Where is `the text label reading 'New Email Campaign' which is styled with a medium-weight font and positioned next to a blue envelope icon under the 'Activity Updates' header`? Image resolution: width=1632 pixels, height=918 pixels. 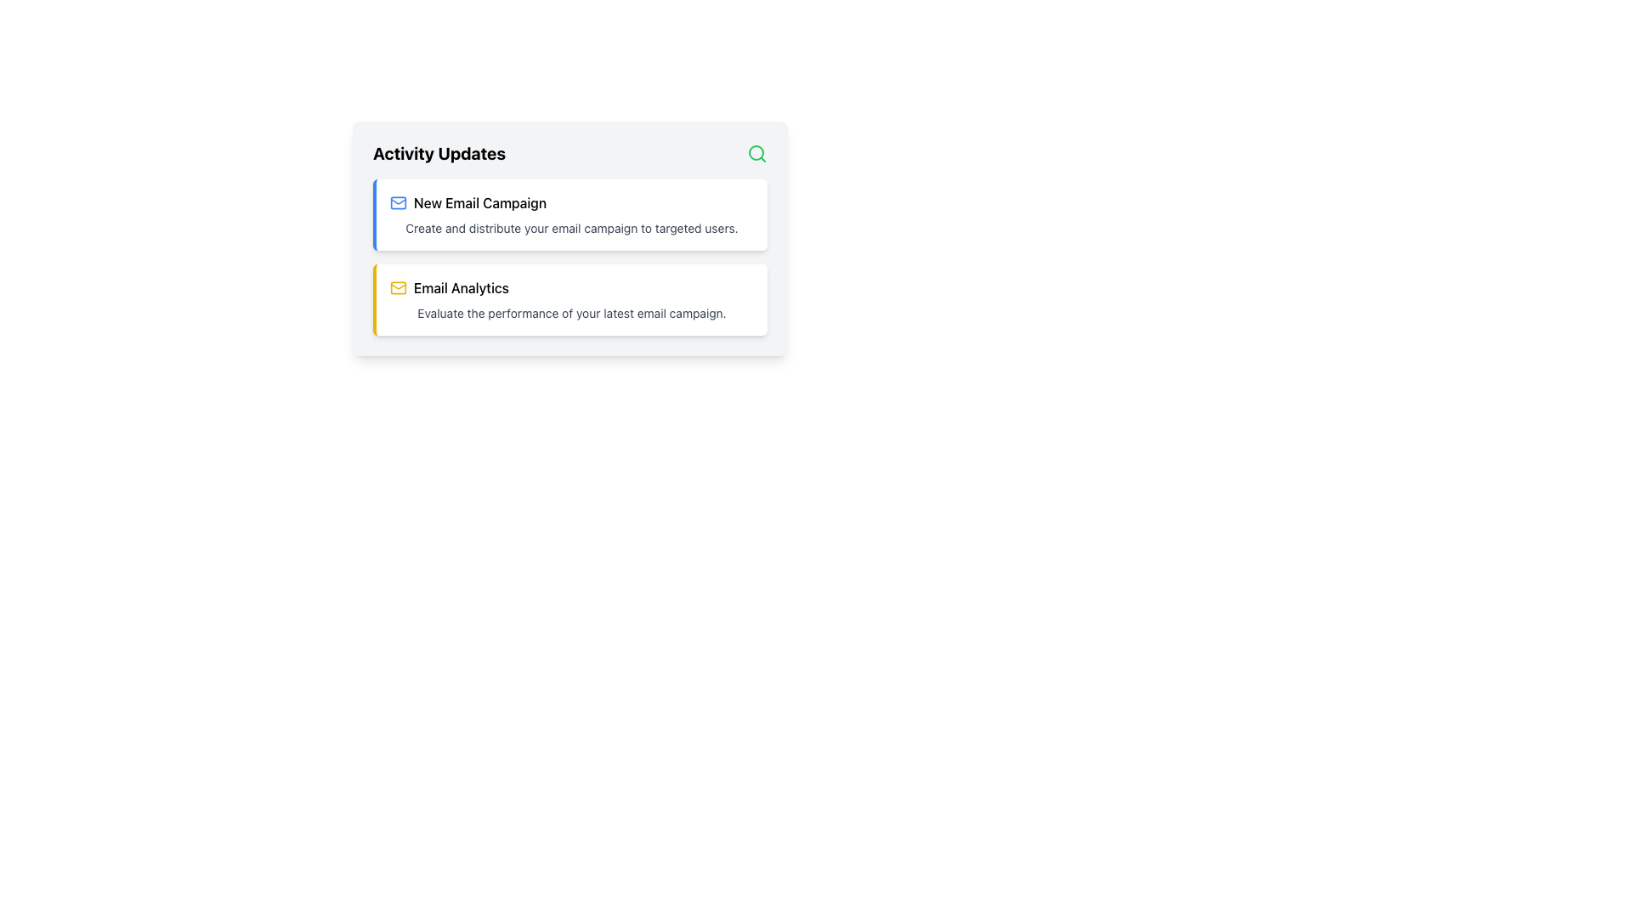
the text label reading 'New Email Campaign' which is styled with a medium-weight font and positioned next to a blue envelope icon under the 'Activity Updates' header is located at coordinates (479, 202).